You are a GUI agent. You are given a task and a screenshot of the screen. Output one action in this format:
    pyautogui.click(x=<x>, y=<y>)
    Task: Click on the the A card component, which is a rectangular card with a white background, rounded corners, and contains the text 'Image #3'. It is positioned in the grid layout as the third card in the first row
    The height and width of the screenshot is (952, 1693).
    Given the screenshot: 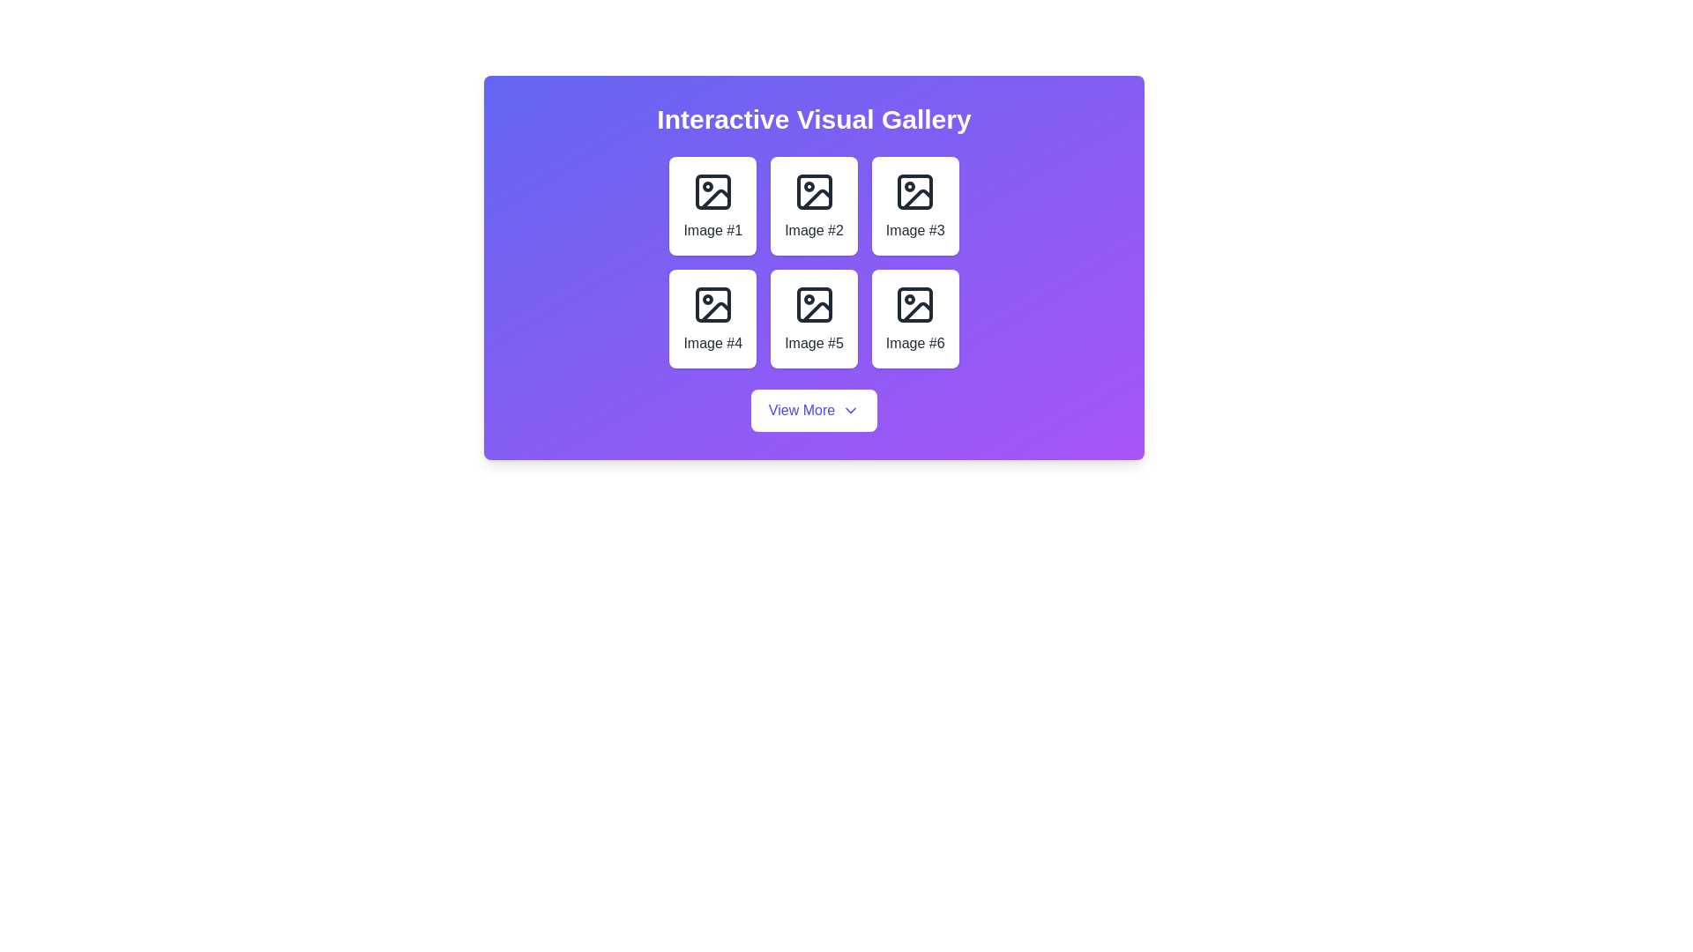 What is the action you would take?
    pyautogui.click(x=915, y=205)
    